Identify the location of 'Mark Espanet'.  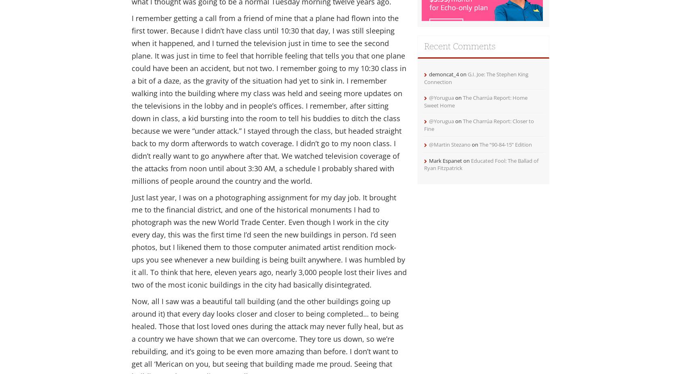
(429, 160).